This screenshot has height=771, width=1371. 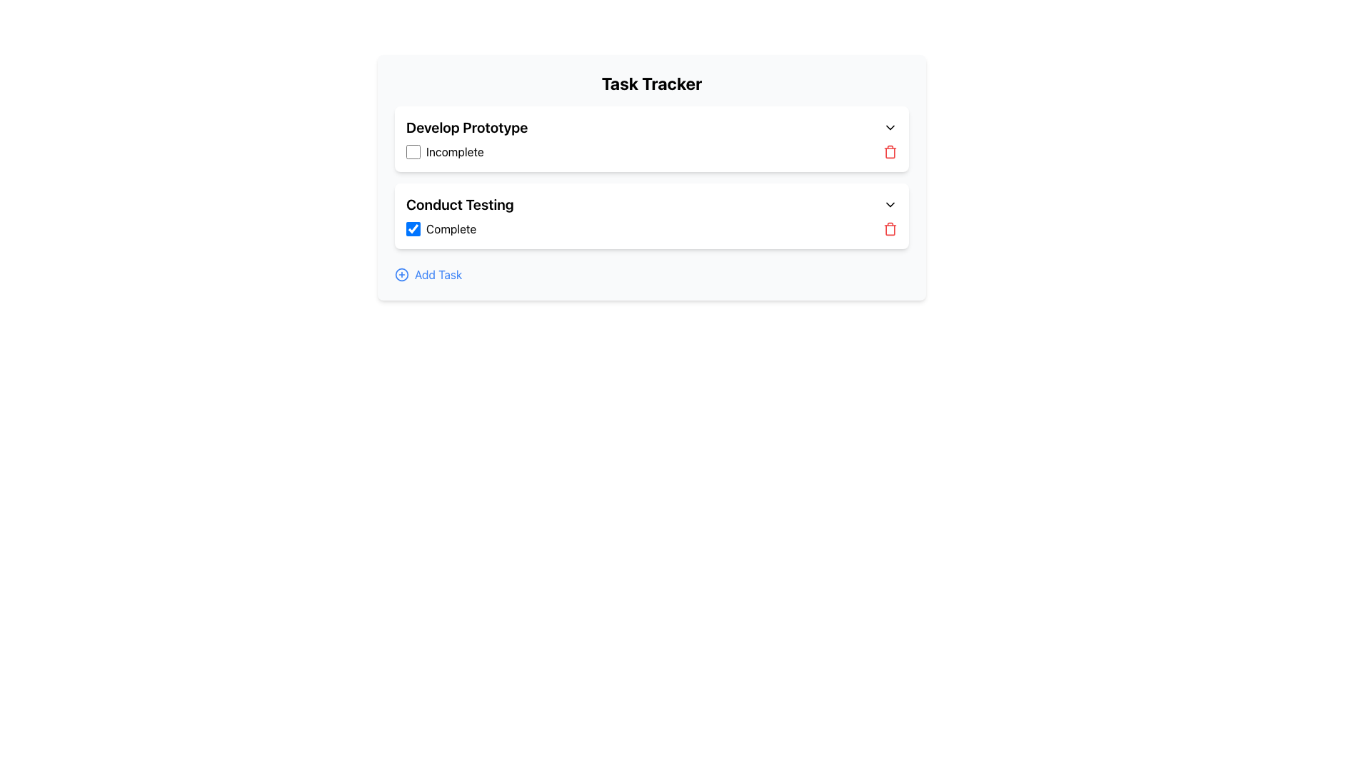 I want to click on the dropdown toggle button located to the far right of the row containing the text 'Conduct Testing', so click(x=890, y=204).